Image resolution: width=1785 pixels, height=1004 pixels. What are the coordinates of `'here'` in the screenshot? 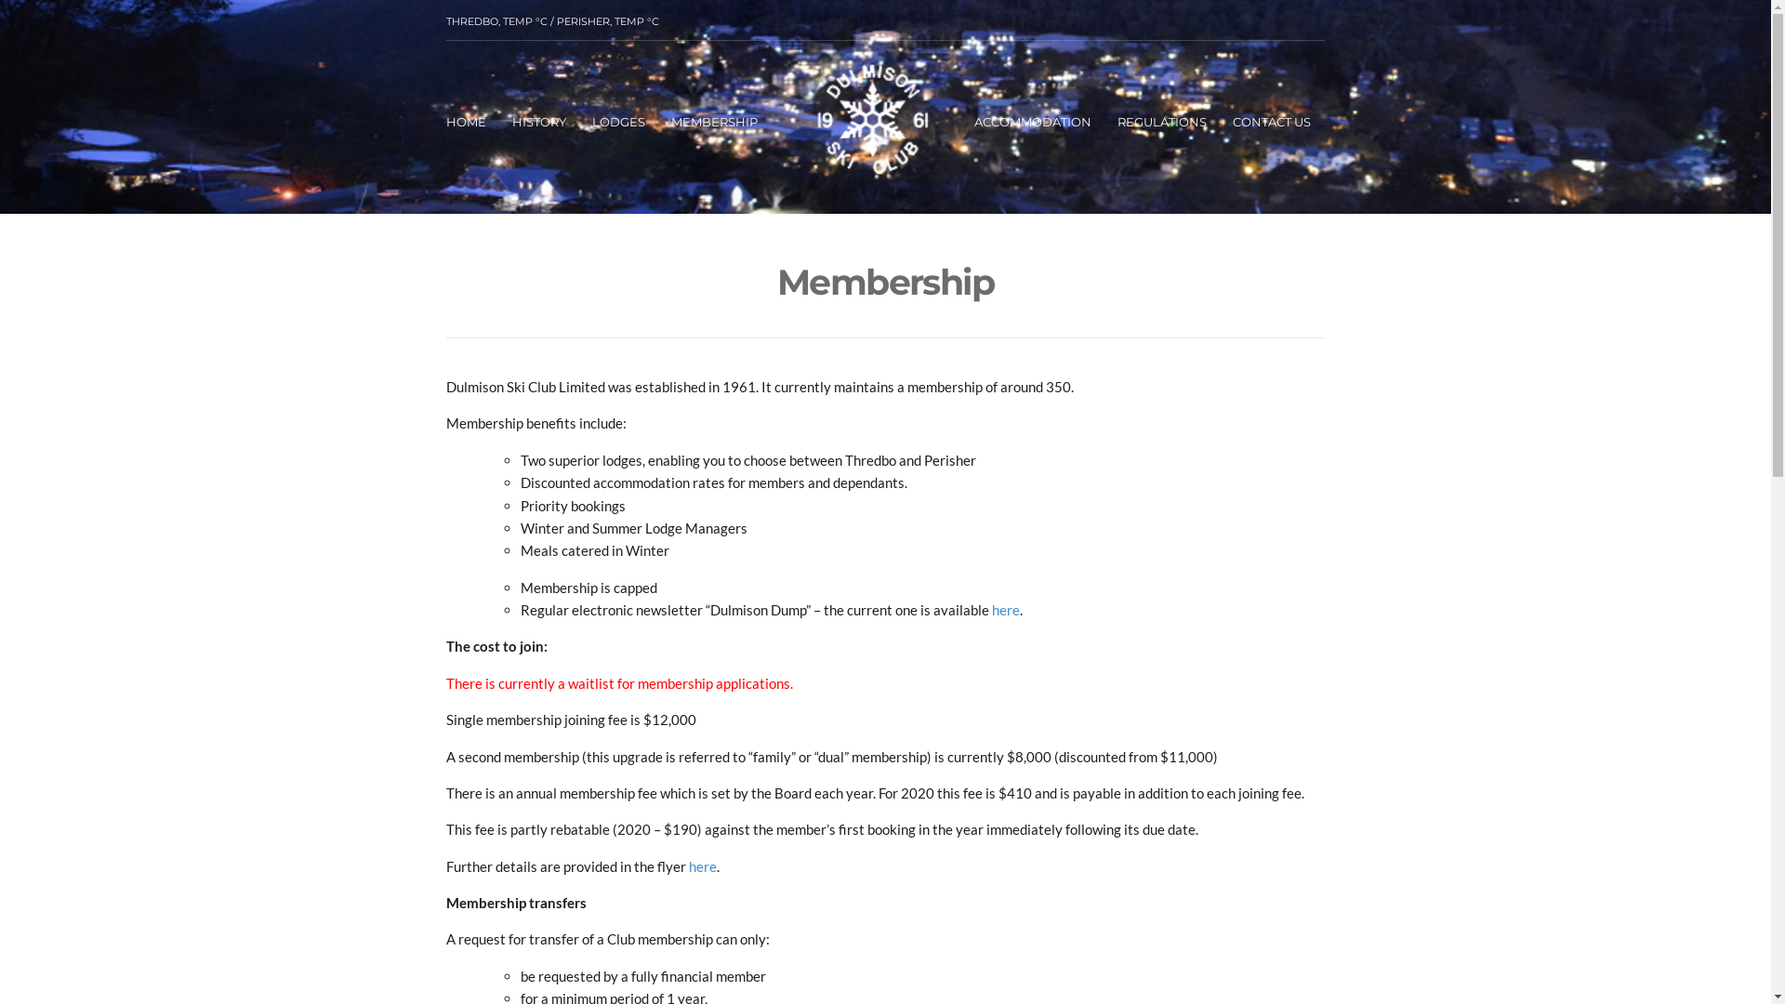 It's located at (701, 866).